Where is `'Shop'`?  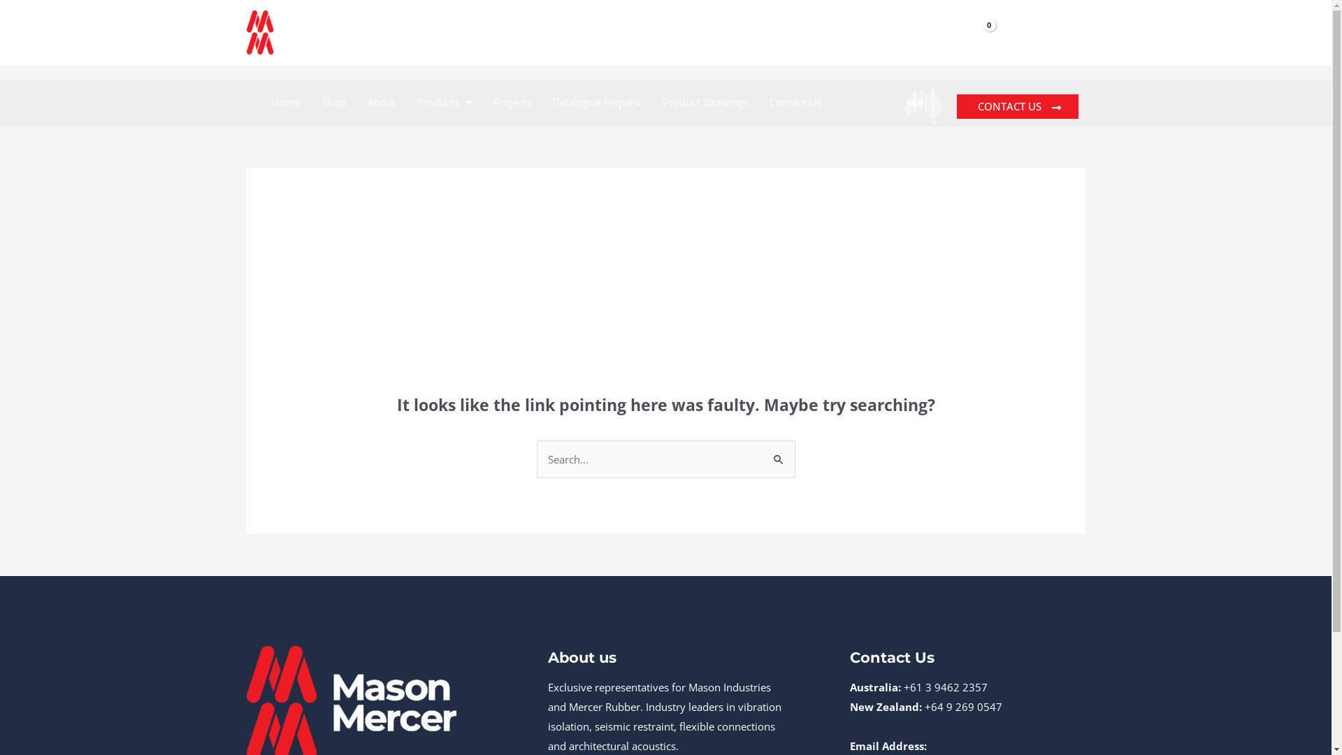 'Shop' is located at coordinates (310, 101).